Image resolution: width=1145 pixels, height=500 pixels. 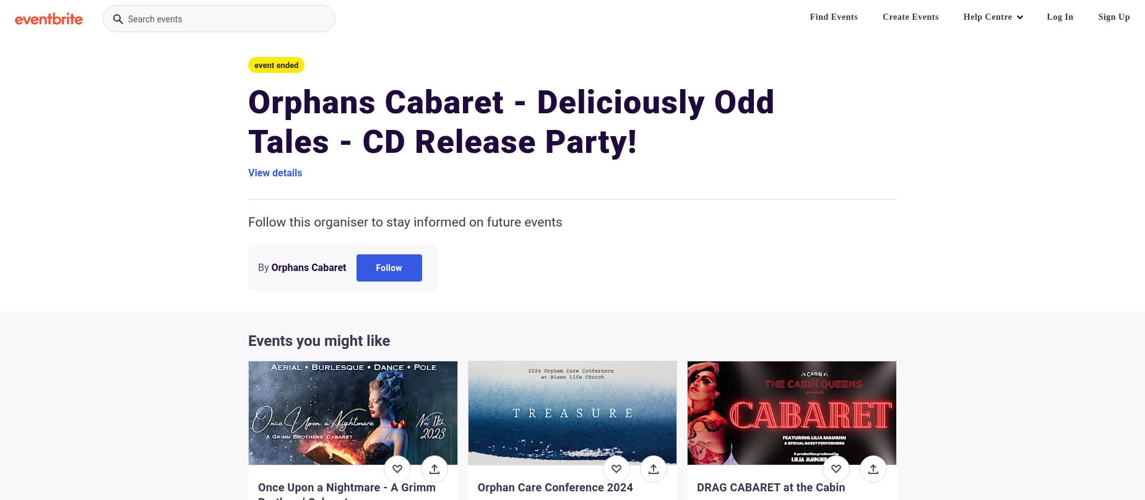 I want to click on 'By', so click(x=262, y=267).